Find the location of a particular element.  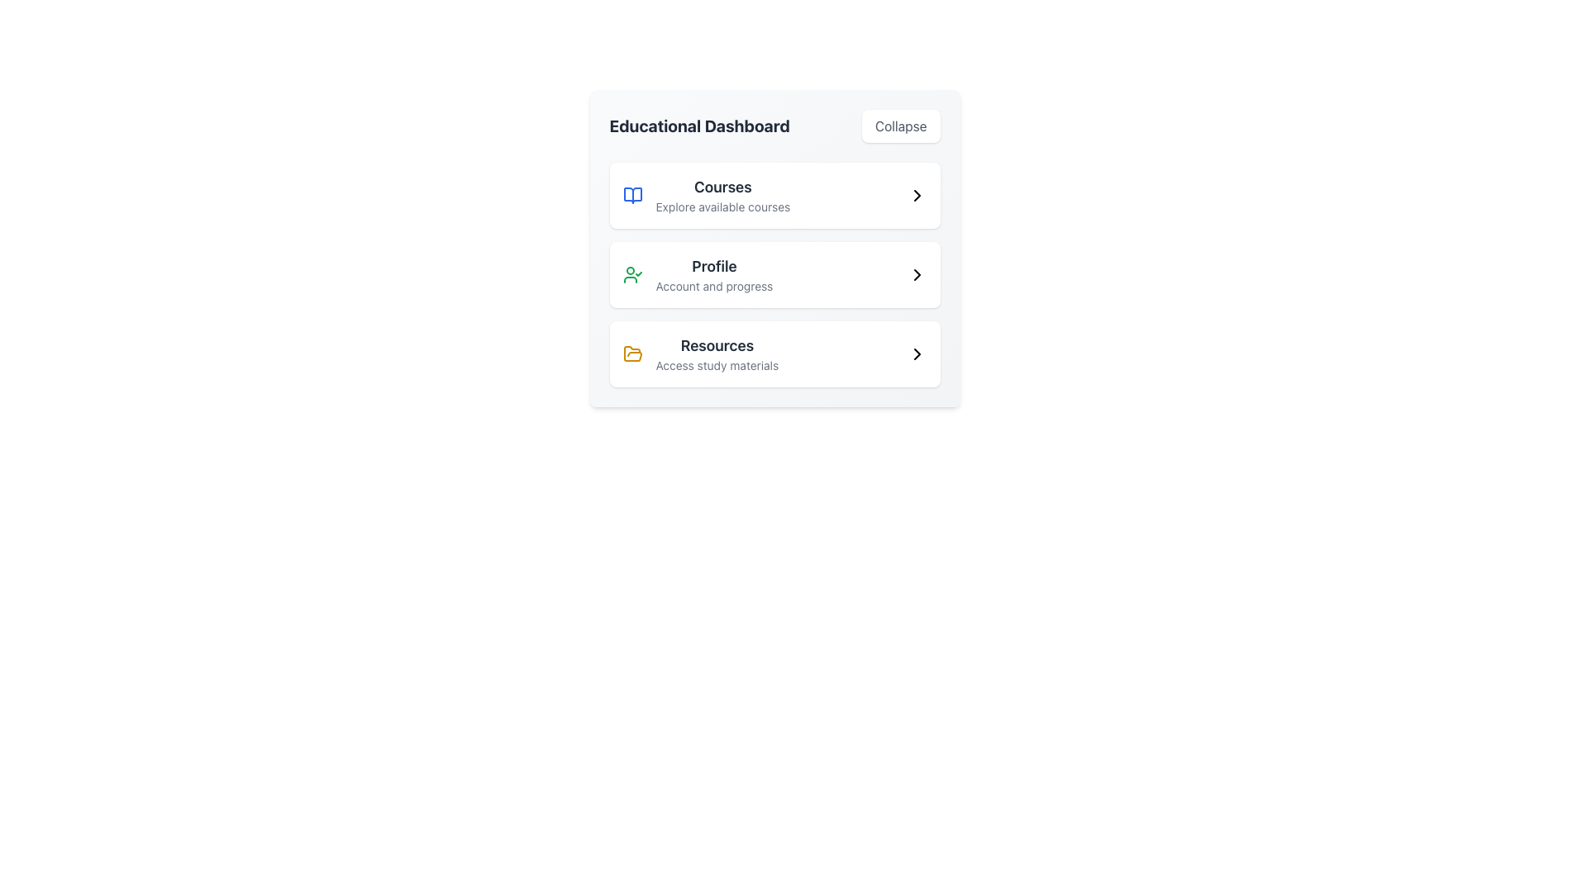

the chevron indicator on the far right of the 'Profile' row in the 'Educational Dashboard' is located at coordinates (916, 273).